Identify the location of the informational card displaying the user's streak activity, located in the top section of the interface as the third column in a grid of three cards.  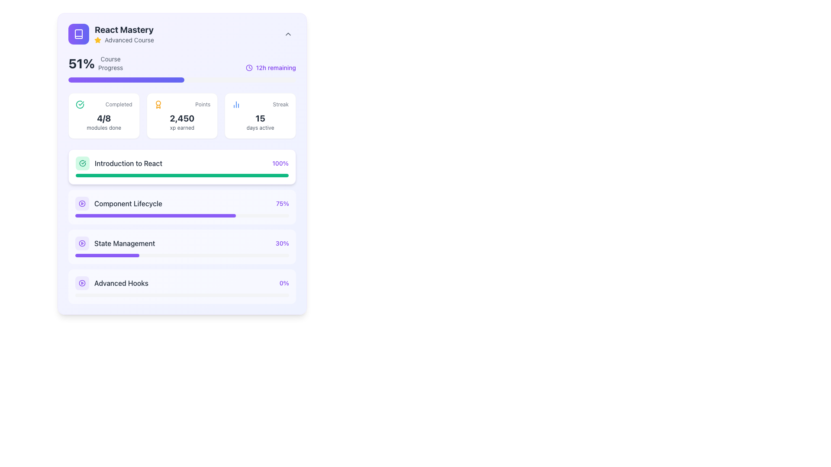
(260, 115).